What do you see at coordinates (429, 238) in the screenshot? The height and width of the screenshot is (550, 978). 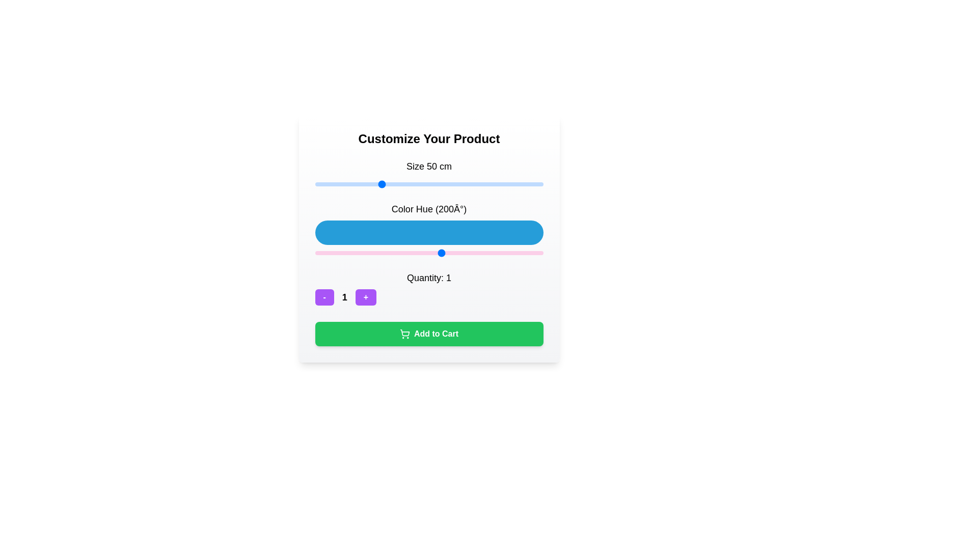 I see `the range slider located beneath the label 'Color Hue (200°)'` at bounding box center [429, 238].